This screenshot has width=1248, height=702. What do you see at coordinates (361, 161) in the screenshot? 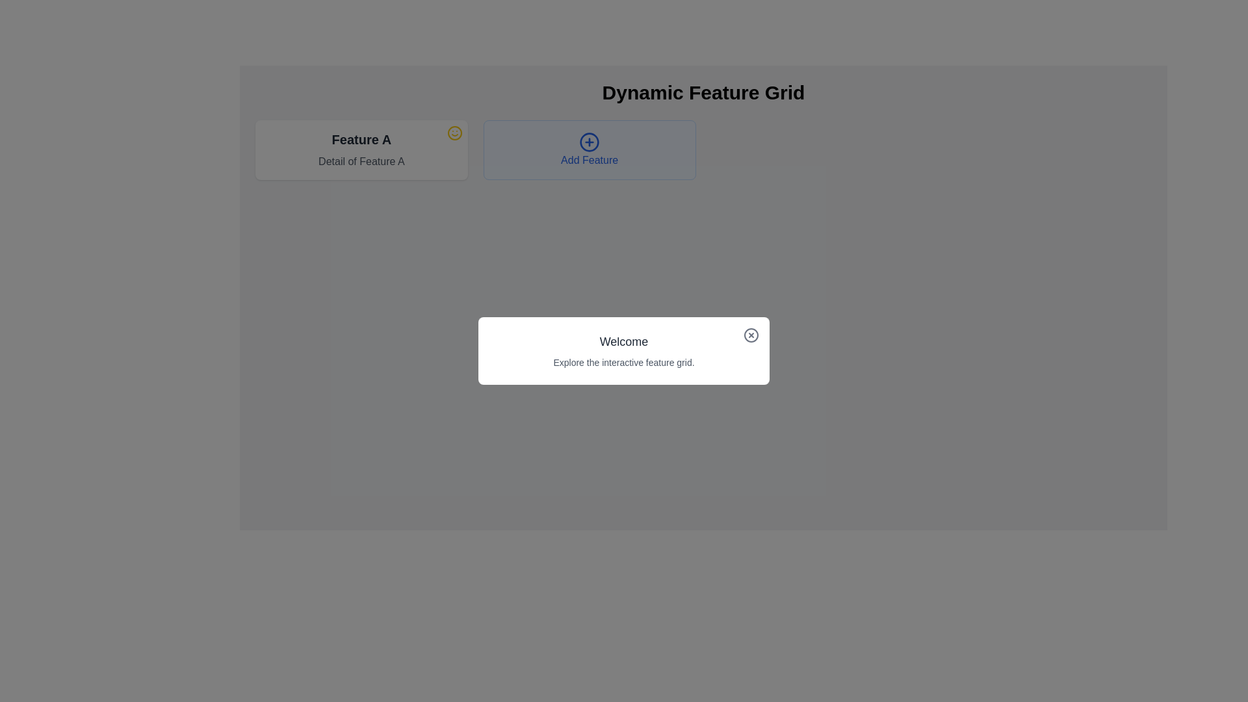
I see `the static text element that provides additional detail about 'Feature A', located below the heading 'Feature A' and to the left of a yellow smiley face icon` at bounding box center [361, 161].